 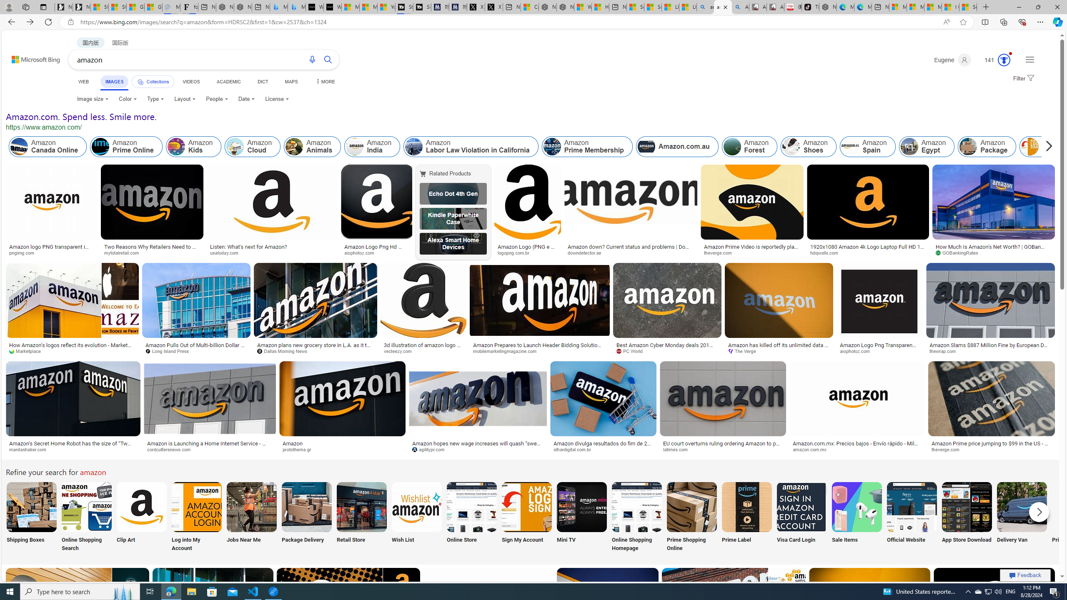 I want to click on 'Amazon.com.au', so click(x=646, y=147).